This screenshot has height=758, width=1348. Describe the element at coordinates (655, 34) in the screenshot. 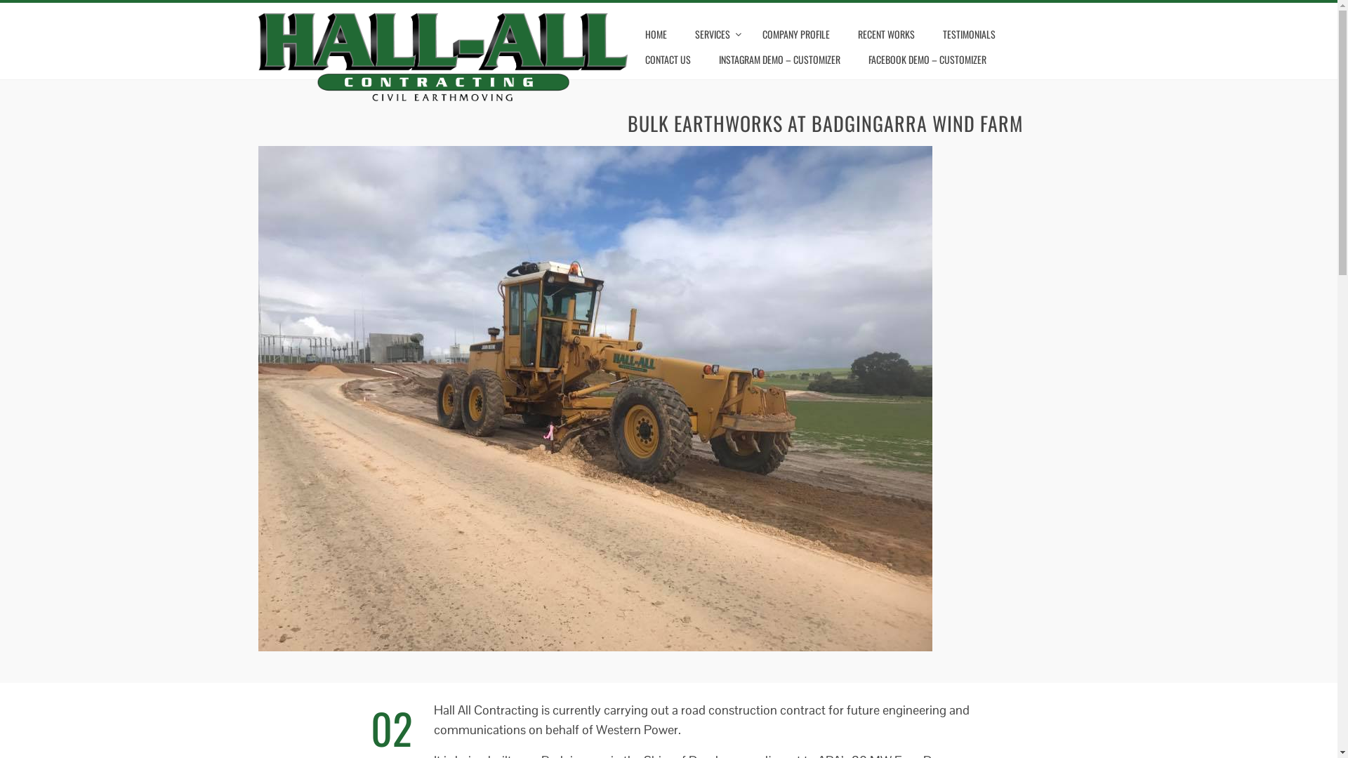

I see `'HOME'` at that location.